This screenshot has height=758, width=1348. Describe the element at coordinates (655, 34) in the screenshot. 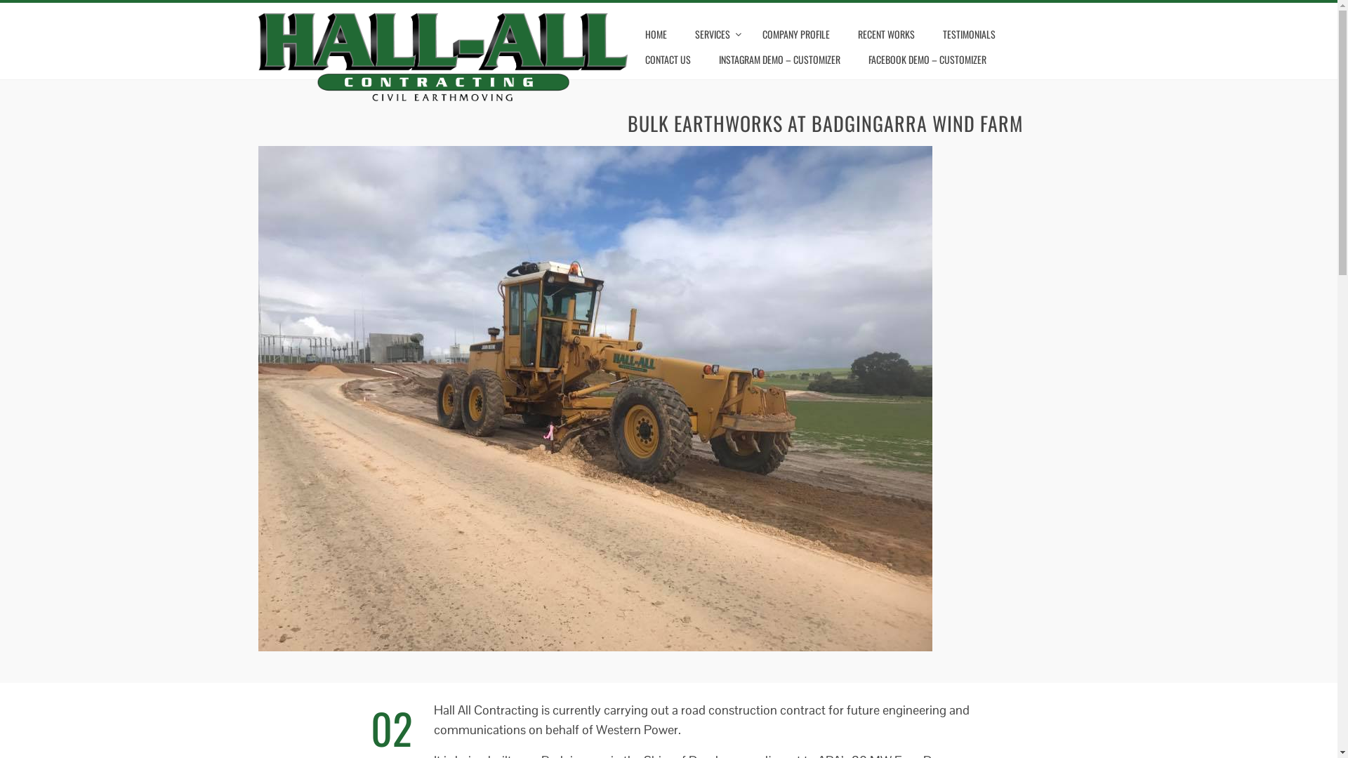

I see `'HOME'` at that location.